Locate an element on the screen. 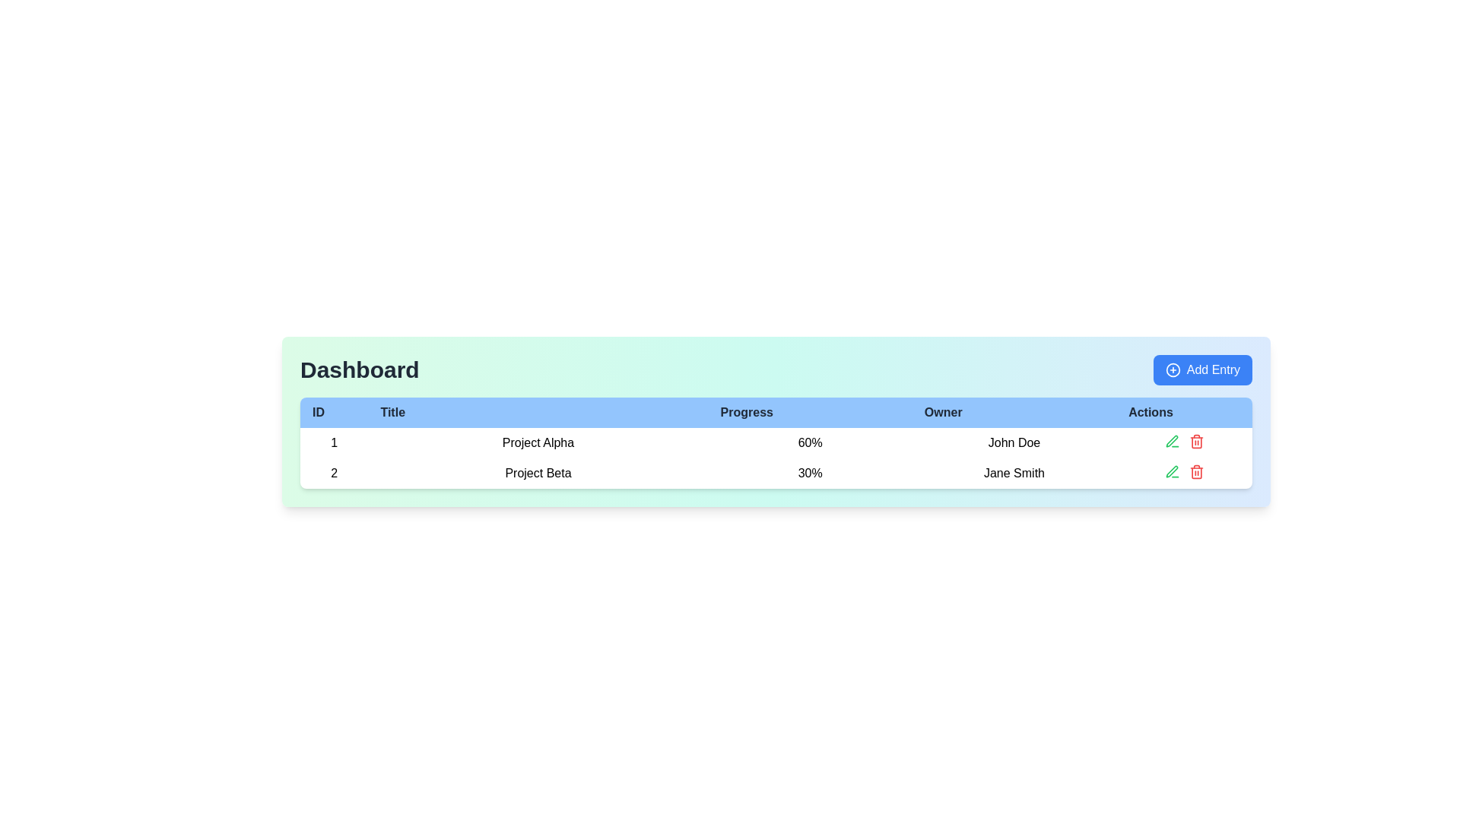 The height and width of the screenshot is (821, 1460). the numeric label '2' in the 'ID' column of the second row of the data table to focus on it is located at coordinates (333, 473).